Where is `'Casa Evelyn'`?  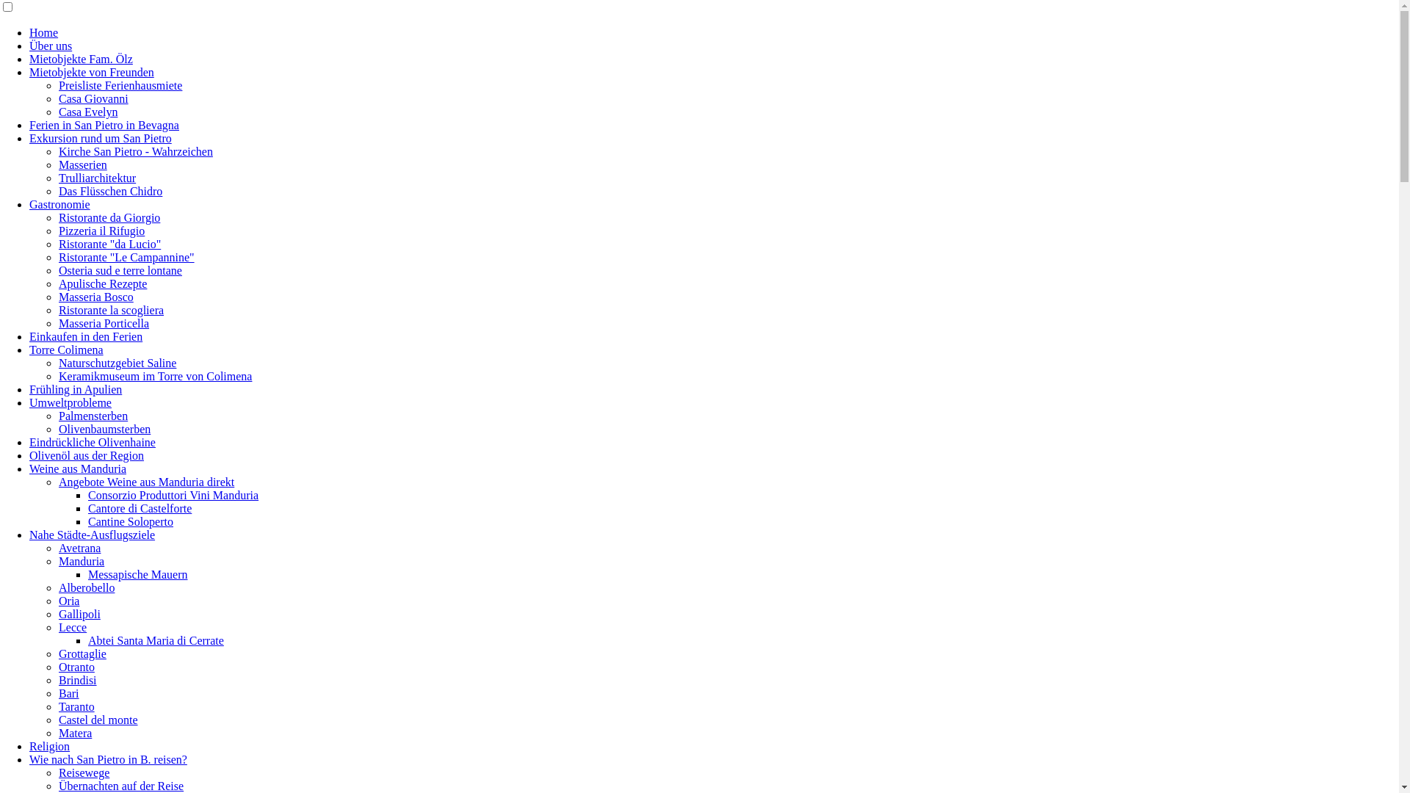 'Casa Evelyn' is located at coordinates (87, 111).